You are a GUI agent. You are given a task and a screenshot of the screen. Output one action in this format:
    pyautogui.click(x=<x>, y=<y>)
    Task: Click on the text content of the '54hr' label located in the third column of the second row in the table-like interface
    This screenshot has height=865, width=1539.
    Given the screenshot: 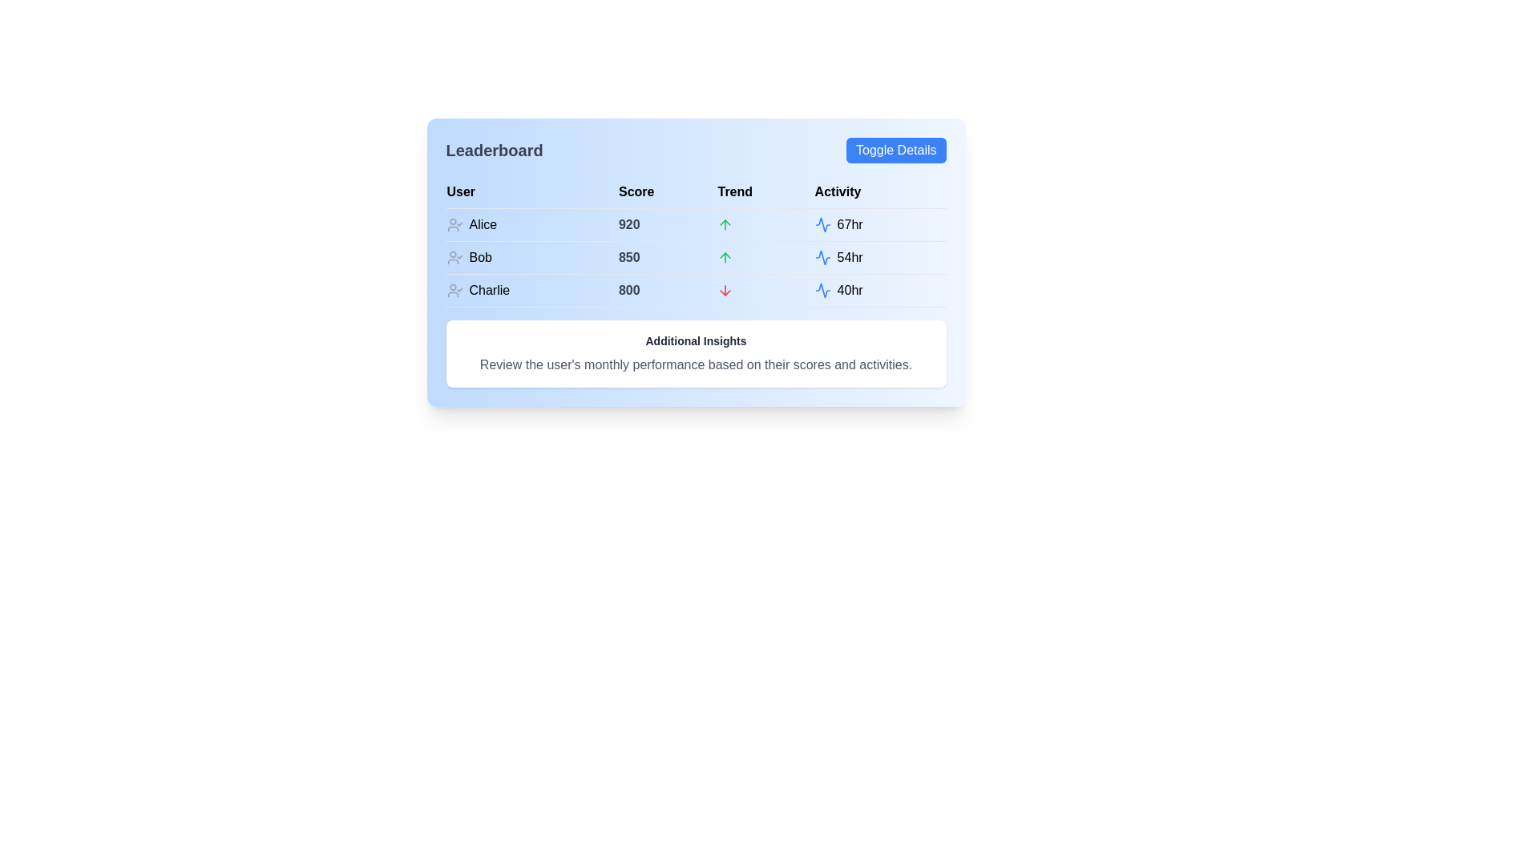 What is the action you would take?
    pyautogui.click(x=849, y=256)
    